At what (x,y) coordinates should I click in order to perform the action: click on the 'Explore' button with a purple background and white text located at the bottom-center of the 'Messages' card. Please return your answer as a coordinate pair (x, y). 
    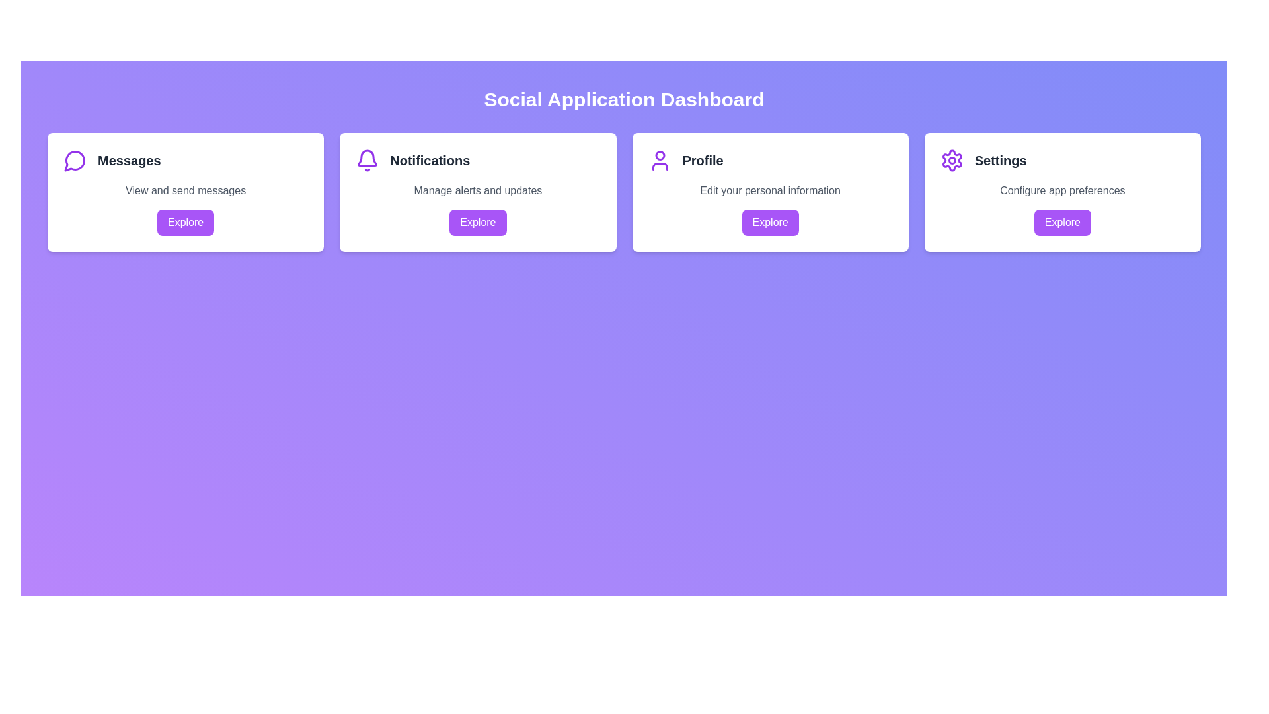
    Looking at the image, I should click on (185, 221).